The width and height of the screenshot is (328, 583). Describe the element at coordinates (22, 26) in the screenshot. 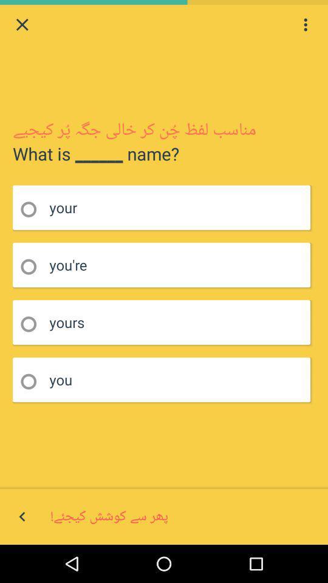

I see `the close icon` at that location.